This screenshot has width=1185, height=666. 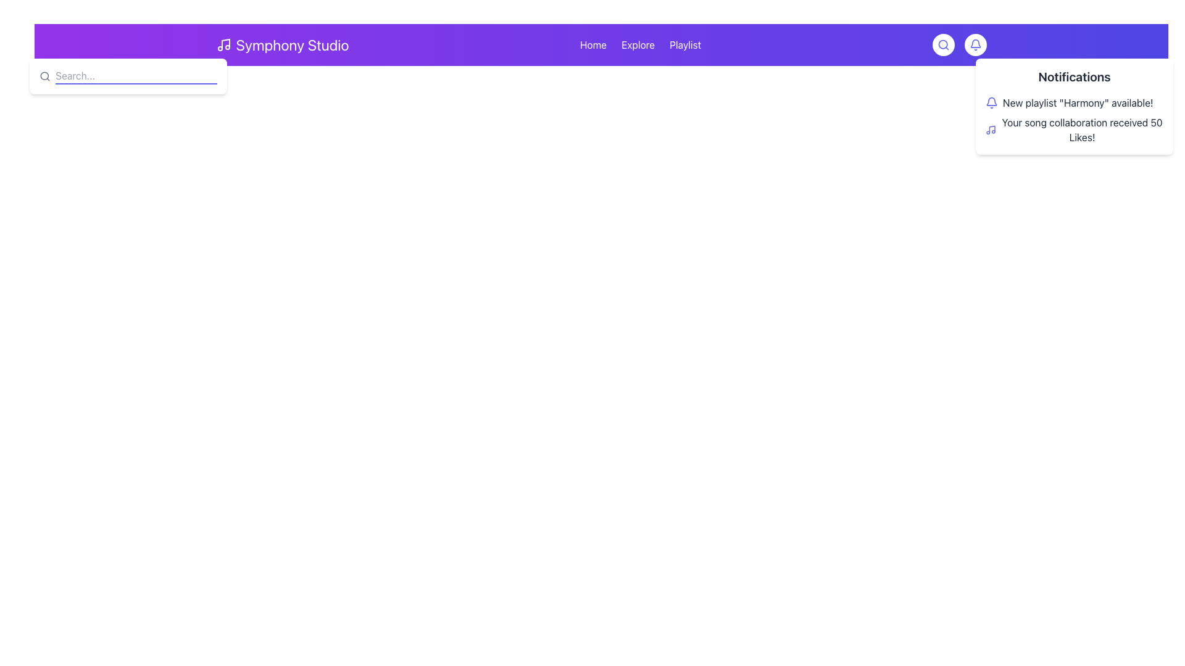 What do you see at coordinates (593, 44) in the screenshot?
I see `the 'Home' navigation button in the top right horizontal navigation bar` at bounding box center [593, 44].